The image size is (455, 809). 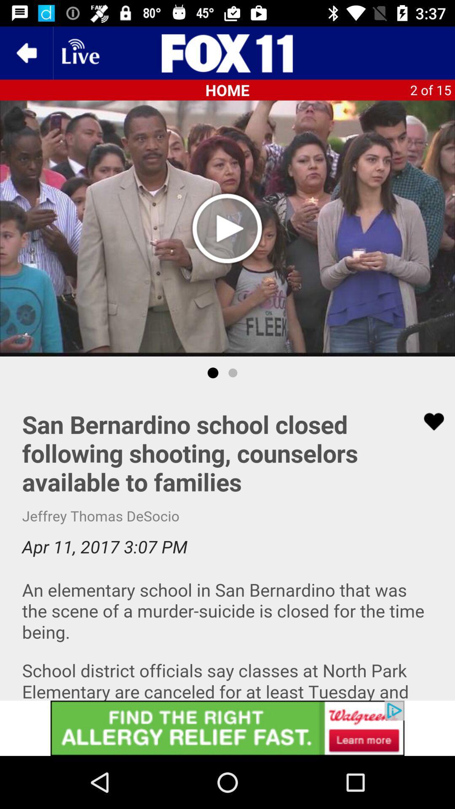 I want to click on the arrow_backward icon, so click(x=26, y=52).